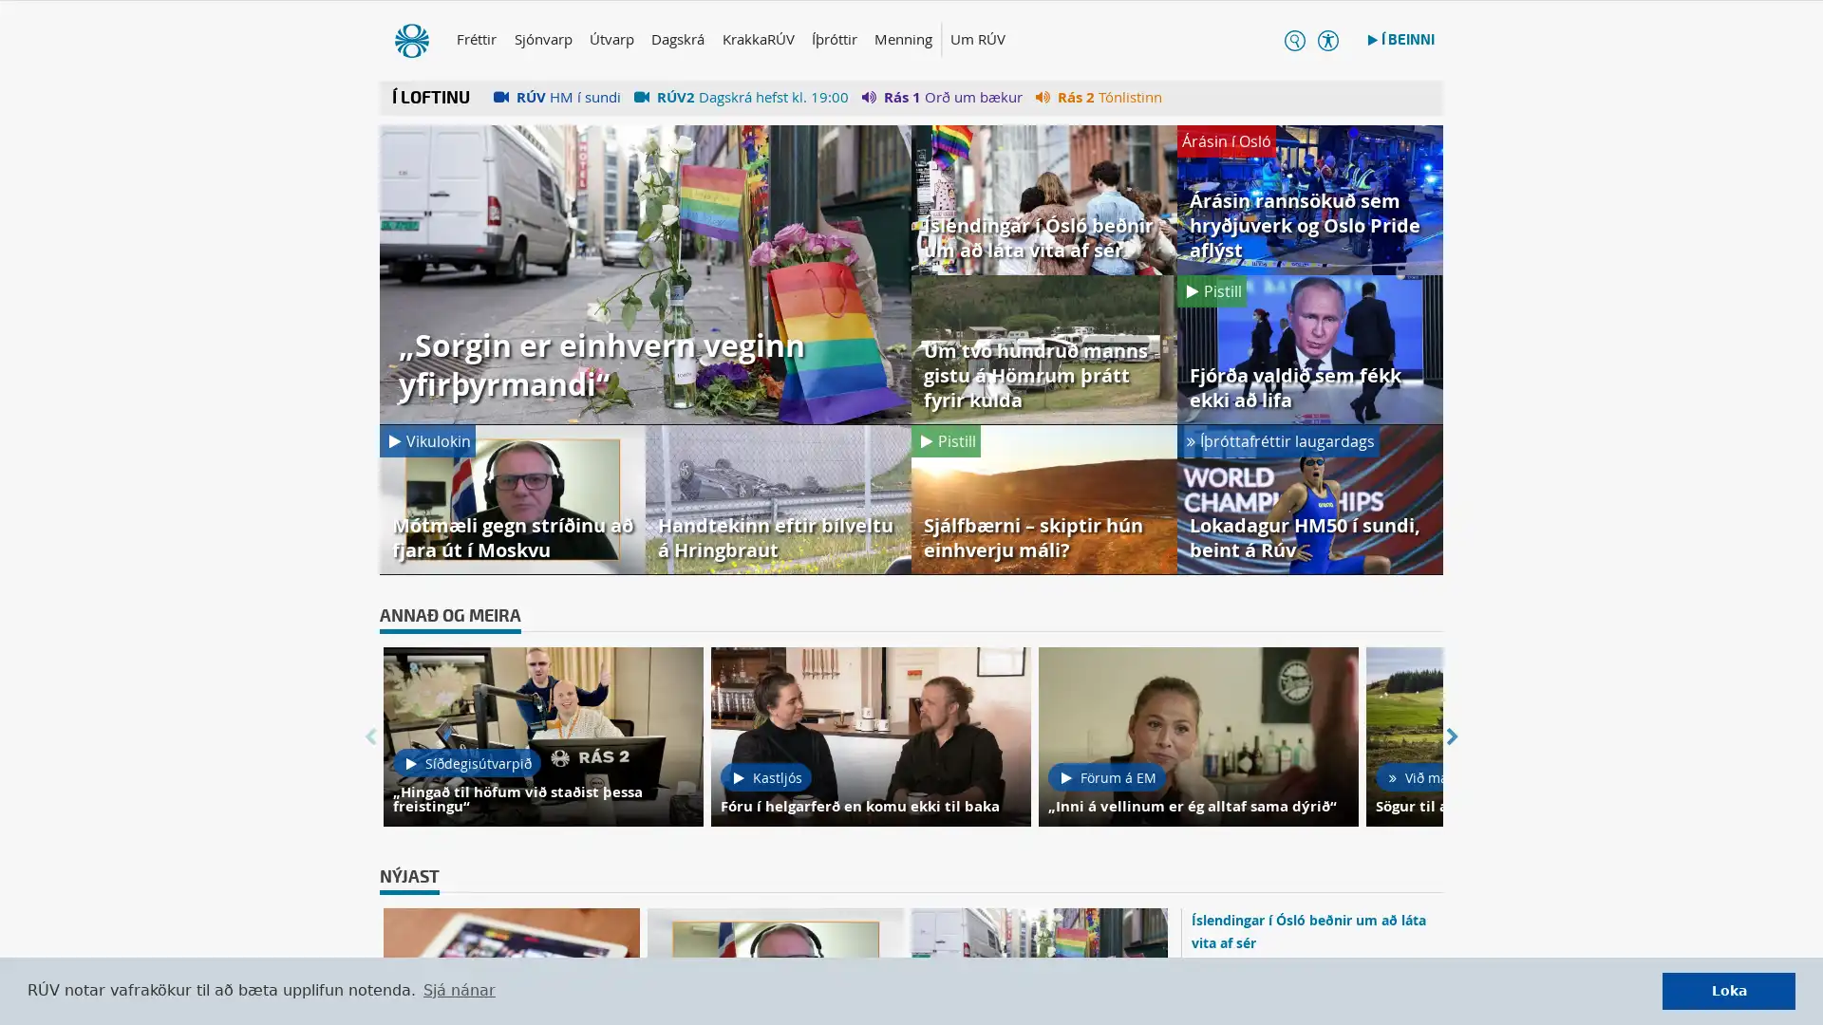 Image resolution: width=1823 pixels, height=1025 pixels. What do you see at coordinates (459, 990) in the screenshot?
I see `learn more about cookies` at bounding box center [459, 990].